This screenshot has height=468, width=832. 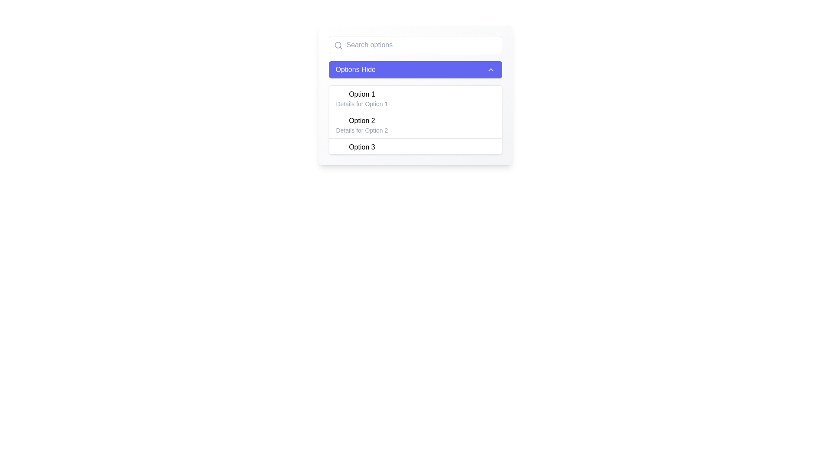 I want to click on the search icon, which is a gray circular outline with a handle resembling a magnifying glass, located to the left of the 'Search options' input field, so click(x=338, y=45).